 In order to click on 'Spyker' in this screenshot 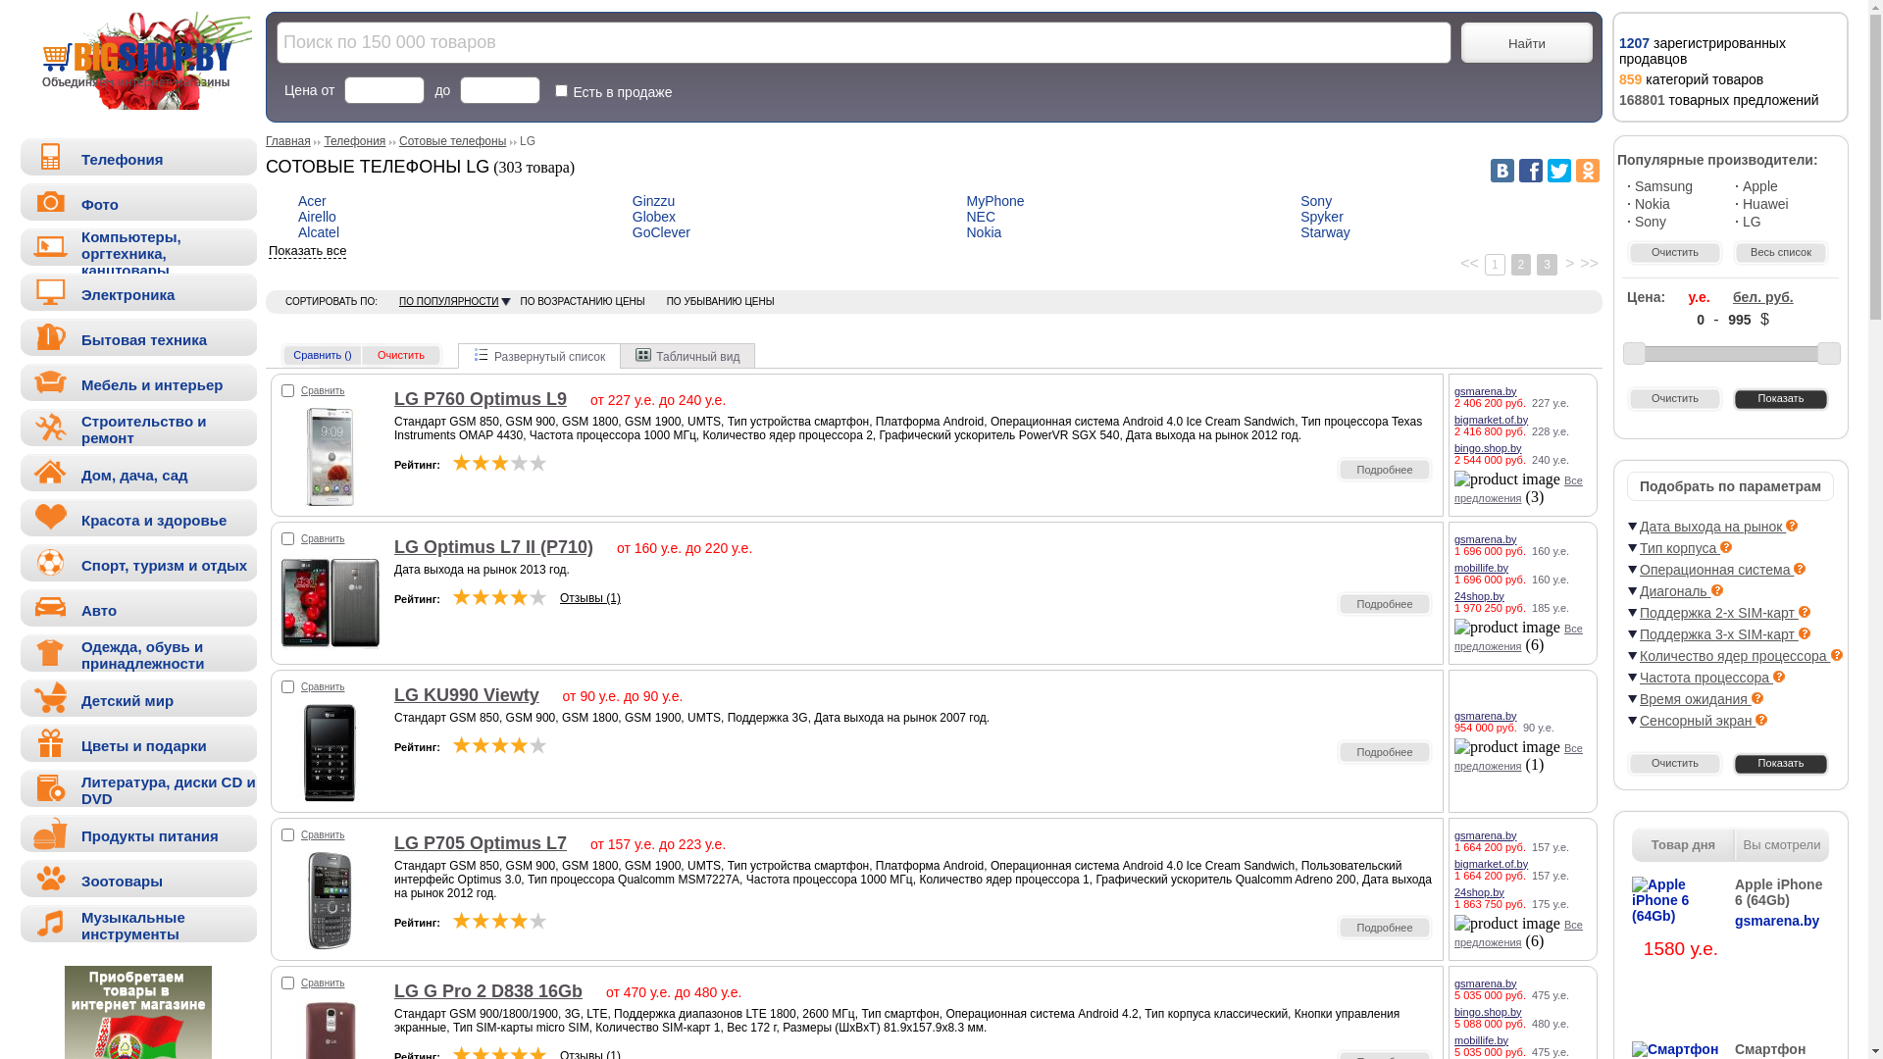, I will do `click(1322, 216)`.